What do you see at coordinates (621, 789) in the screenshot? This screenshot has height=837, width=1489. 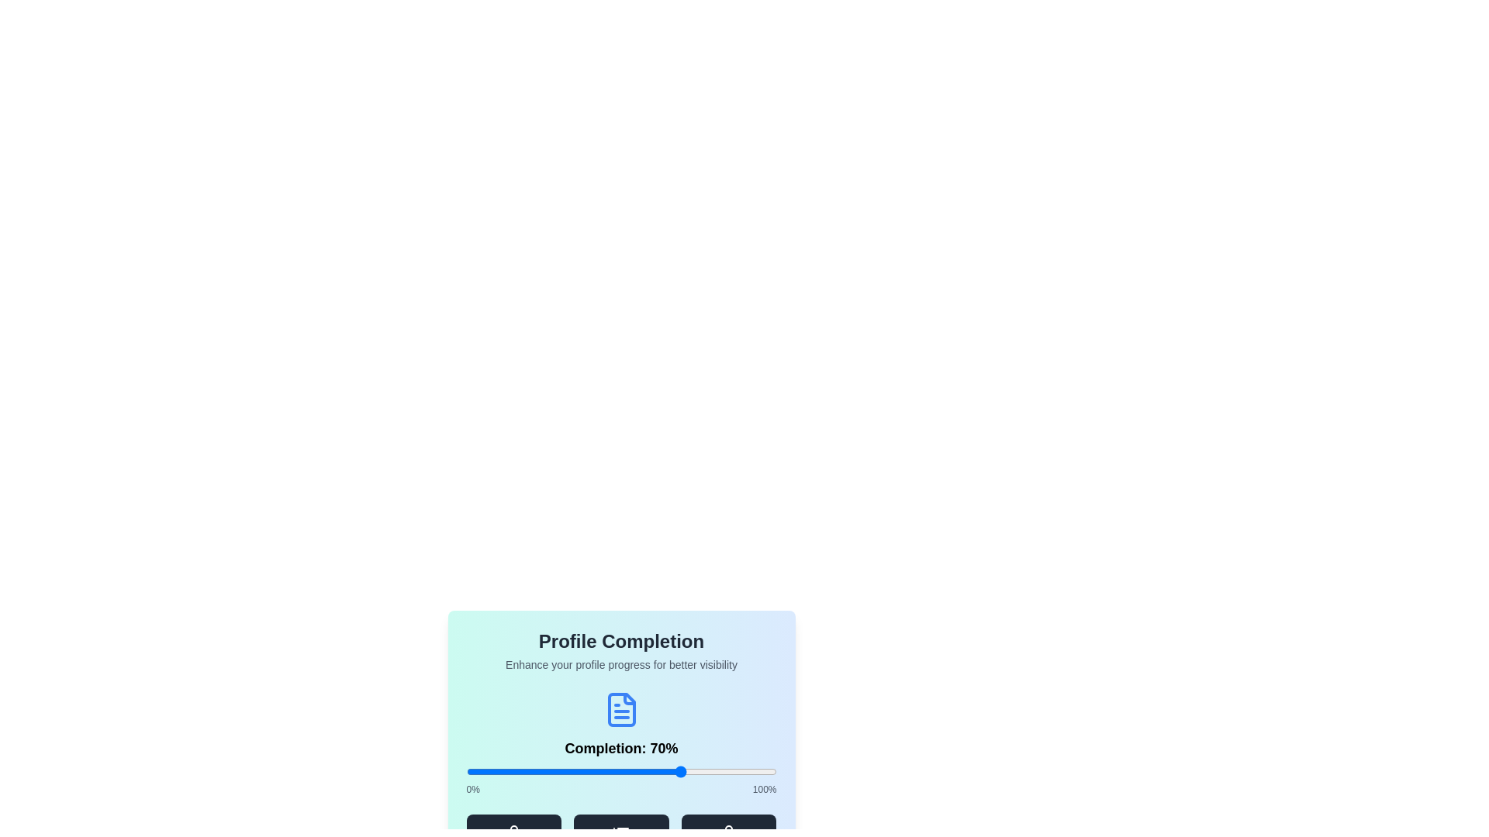 I see `values '0%' and '100%' displayed under the slider bar in the 'Completion: 70%' section to understand the slider range` at bounding box center [621, 789].